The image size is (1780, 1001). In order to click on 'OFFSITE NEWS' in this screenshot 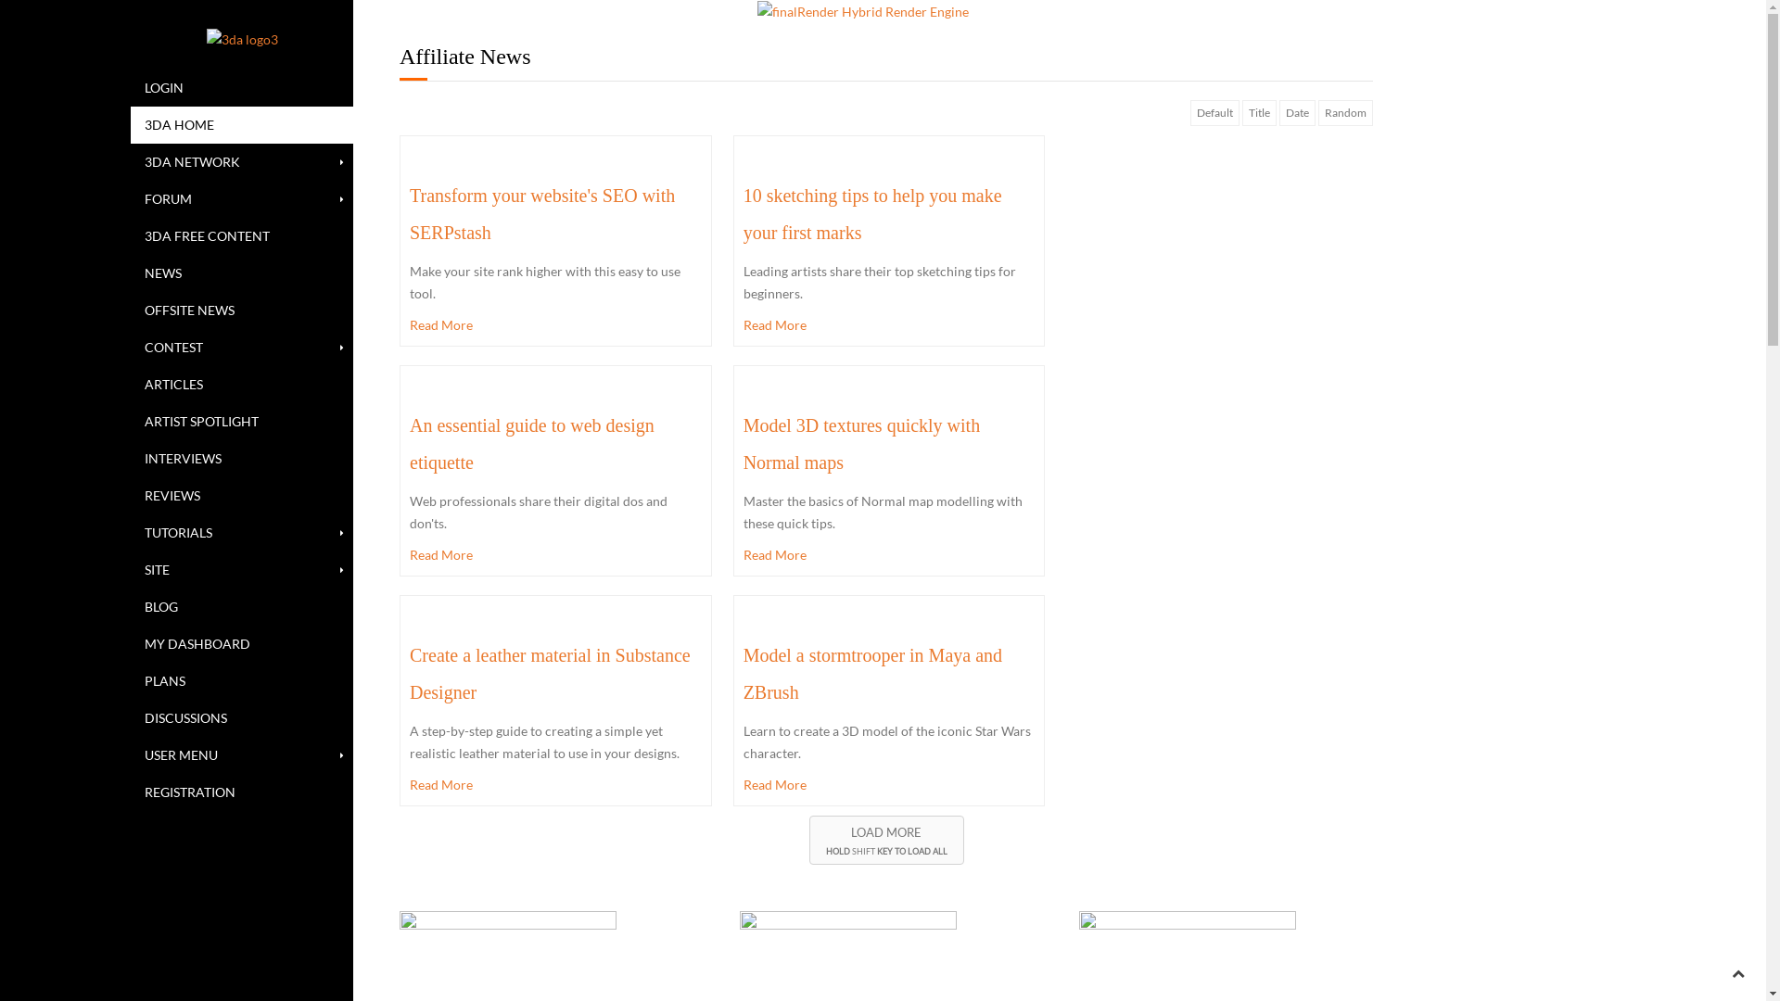, I will do `click(129, 310)`.